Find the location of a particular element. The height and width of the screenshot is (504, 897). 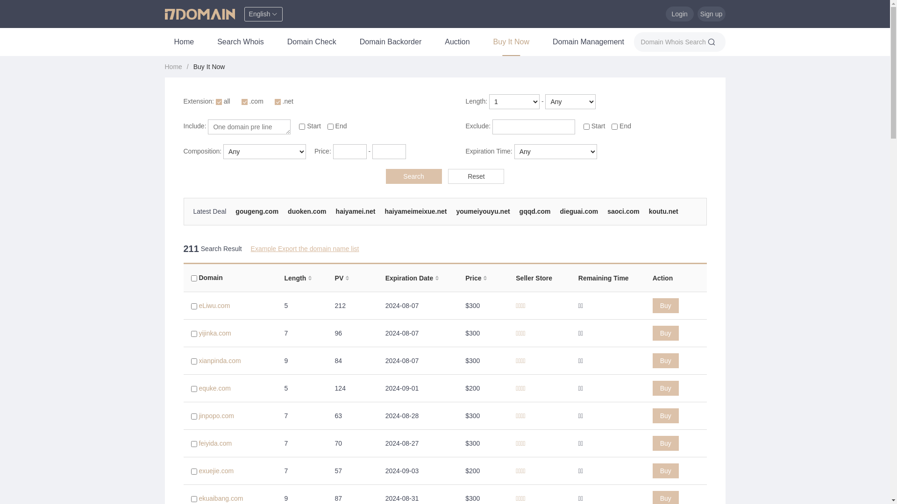

'haiyamei.net' is located at coordinates (336, 211).